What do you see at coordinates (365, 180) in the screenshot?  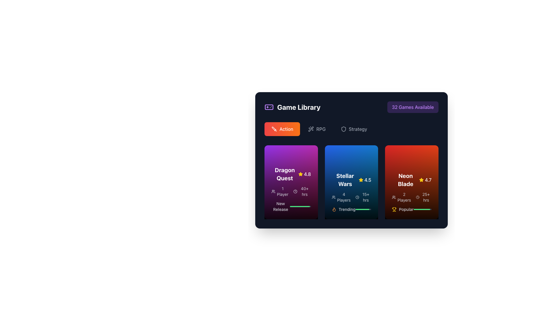 I see `the star in the Rating display component for the Stellar Wars game to provide feedback on the rating of 4.5 out of 5` at bounding box center [365, 180].